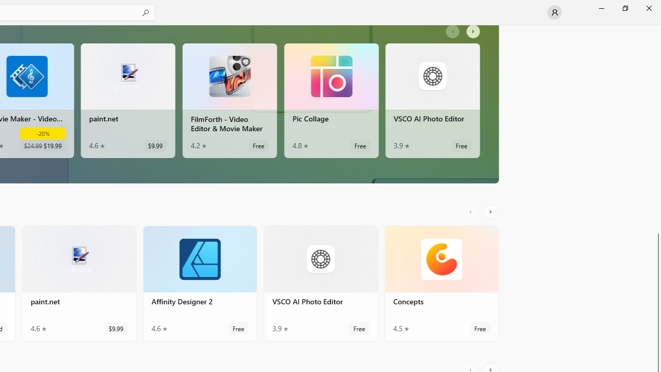 The width and height of the screenshot is (661, 372). I want to click on 'Pic Collage. Average rating of 4.8 out of five stars. Free  ', so click(331, 100).